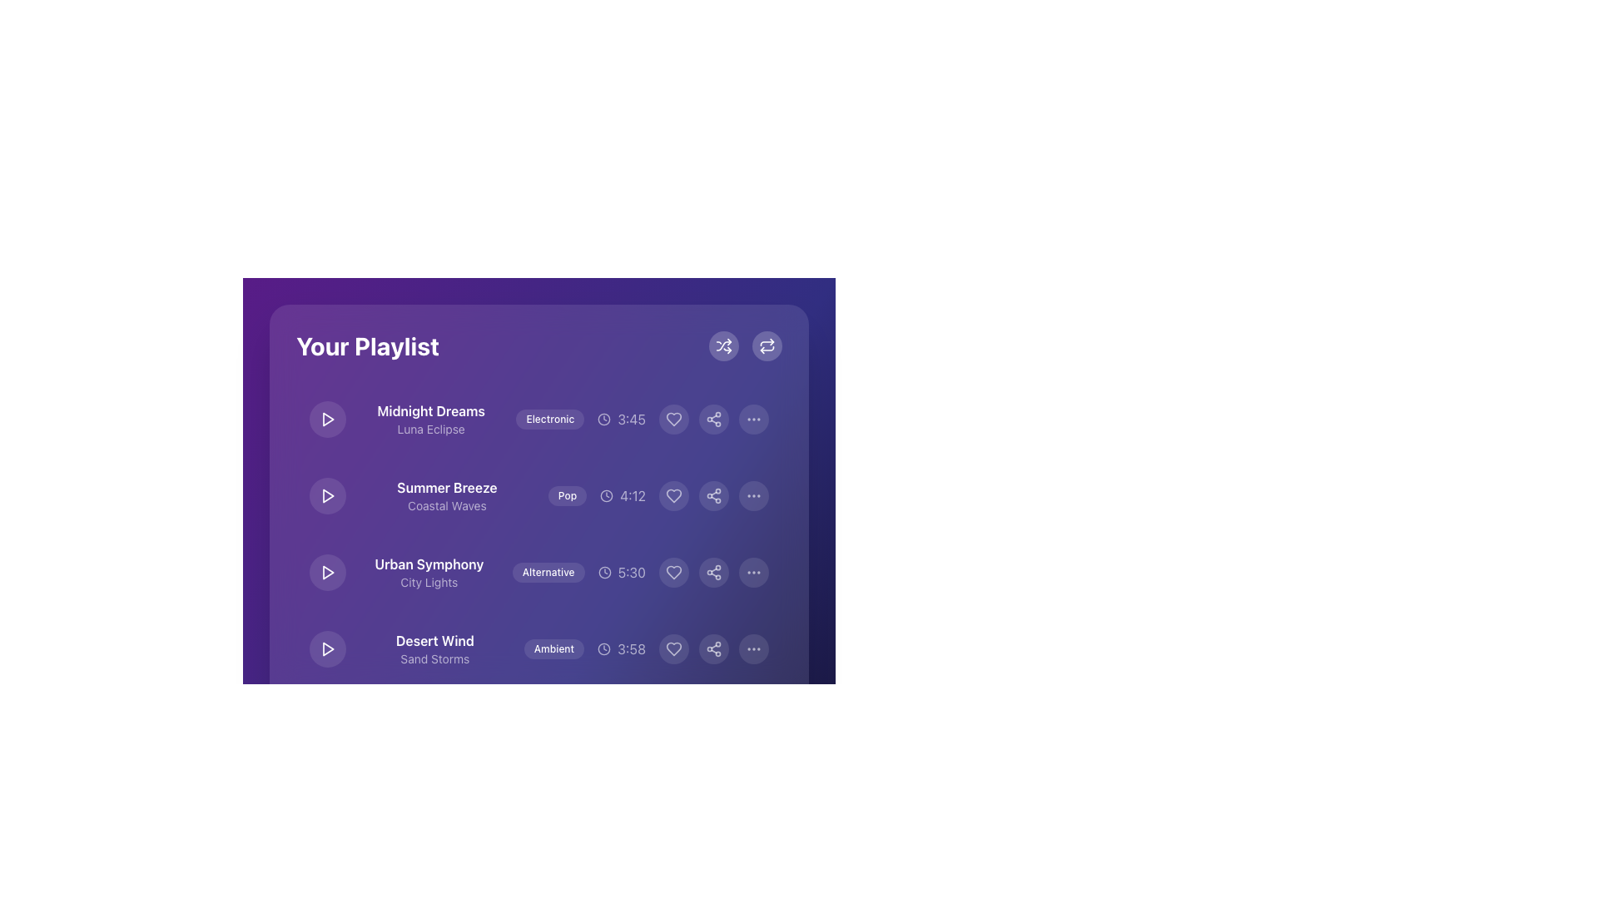 The height and width of the screenshot is (899, 1598). Describe the element at coordinates (567, 495) in the screenshot. I see `the 'Pop' badge element in the 'Summer Breeze' playlist, which is a small, pill-shaped badge with rounded corners and semi-transparent white color` at that location.